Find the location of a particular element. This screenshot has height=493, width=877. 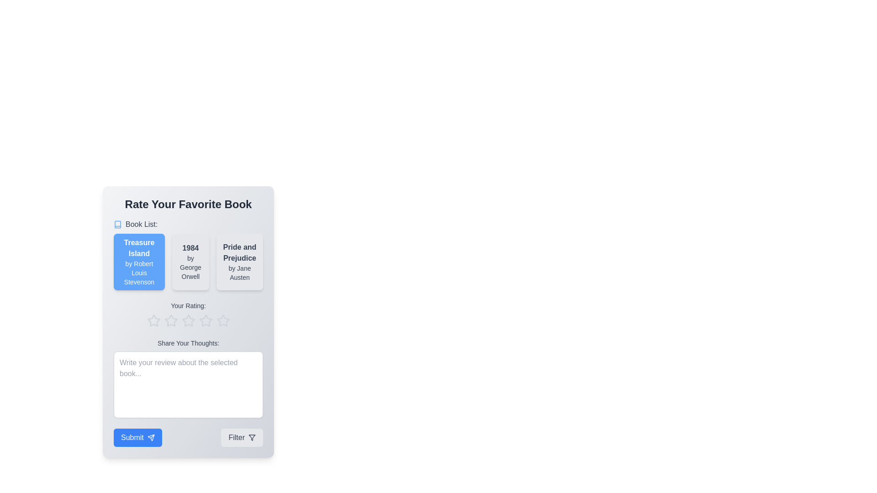

the text label reading 'Book List:' which is positioned above the list of clickable book cards is located at coordinates (188, 255).